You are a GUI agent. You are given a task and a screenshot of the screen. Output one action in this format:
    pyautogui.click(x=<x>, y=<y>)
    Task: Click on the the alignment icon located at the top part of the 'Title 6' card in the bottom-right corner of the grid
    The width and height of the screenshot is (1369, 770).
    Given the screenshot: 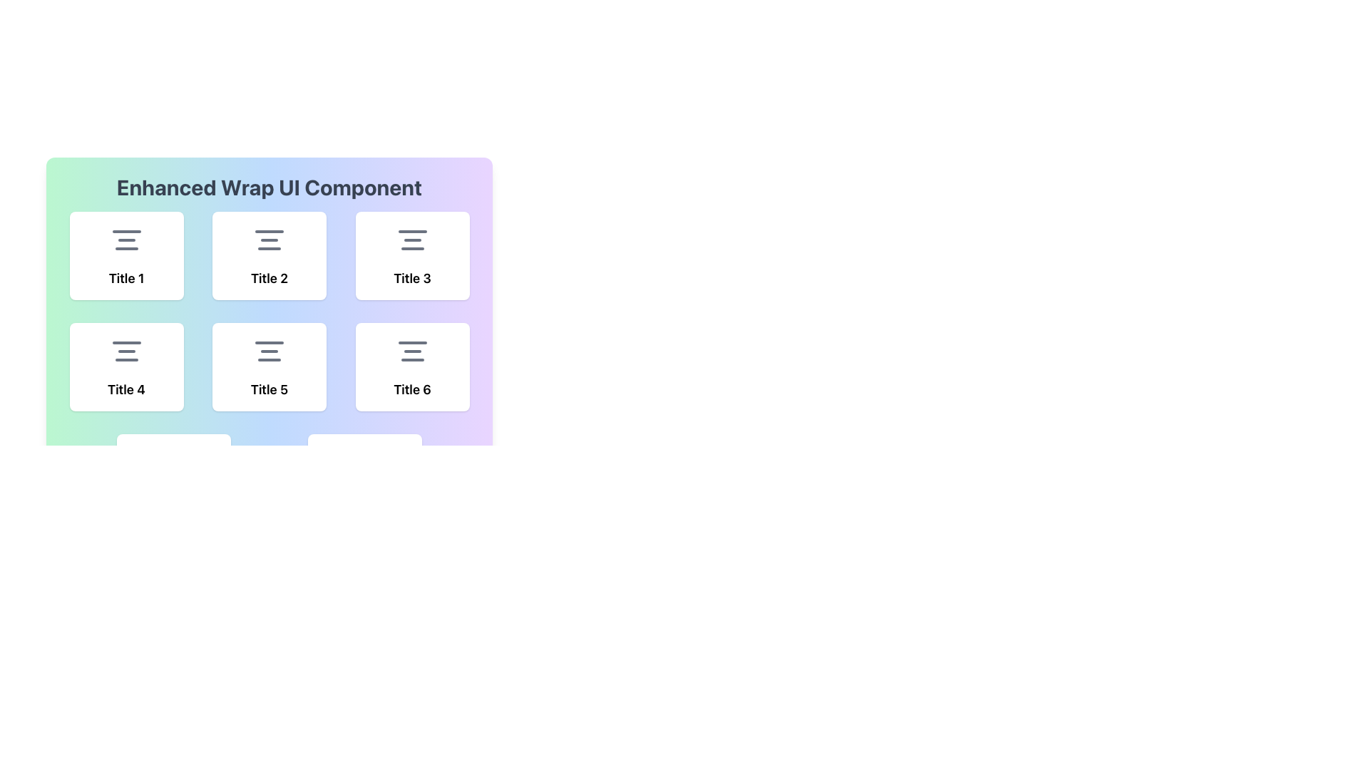 What is the action you would take?
    pyautogui.click(x=411, y=351)
    